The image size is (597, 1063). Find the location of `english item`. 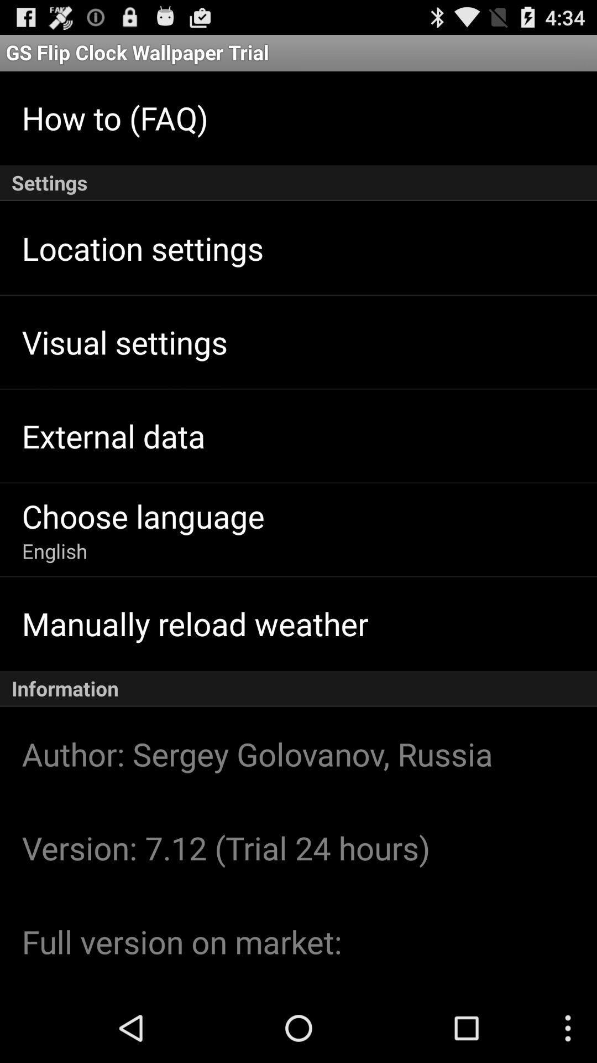

english item is located at coordinates (55, 551).